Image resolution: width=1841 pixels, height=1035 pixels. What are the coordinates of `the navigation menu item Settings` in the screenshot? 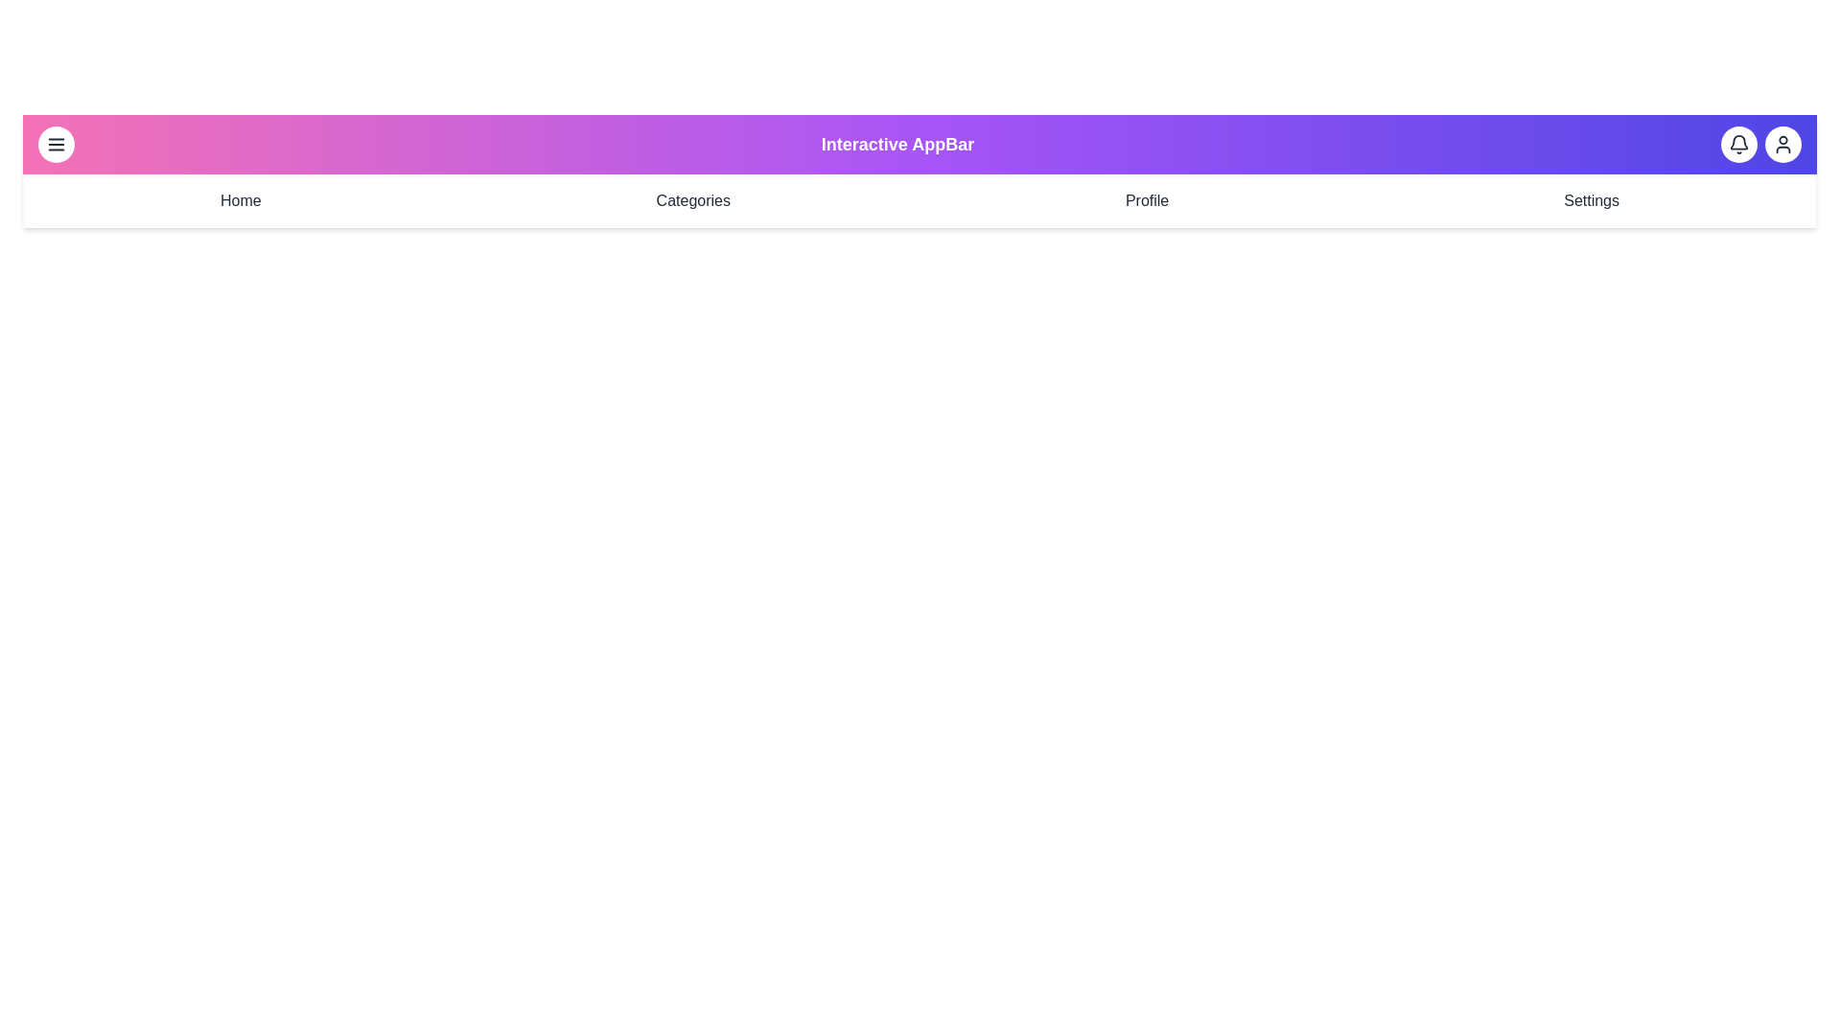 It's located at (1592, 200).